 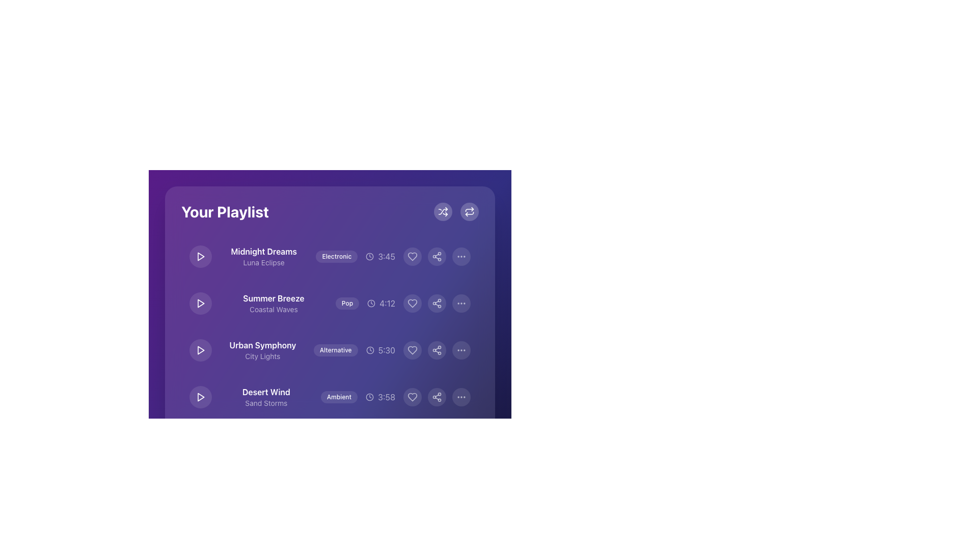 What do you see at coordinates (461, 303) in the screenshot?
I see `the ellipsis icon located at the rightmost position of the control icons for the 'Summer Breeze' playlist` at bounding box center [461, 303].